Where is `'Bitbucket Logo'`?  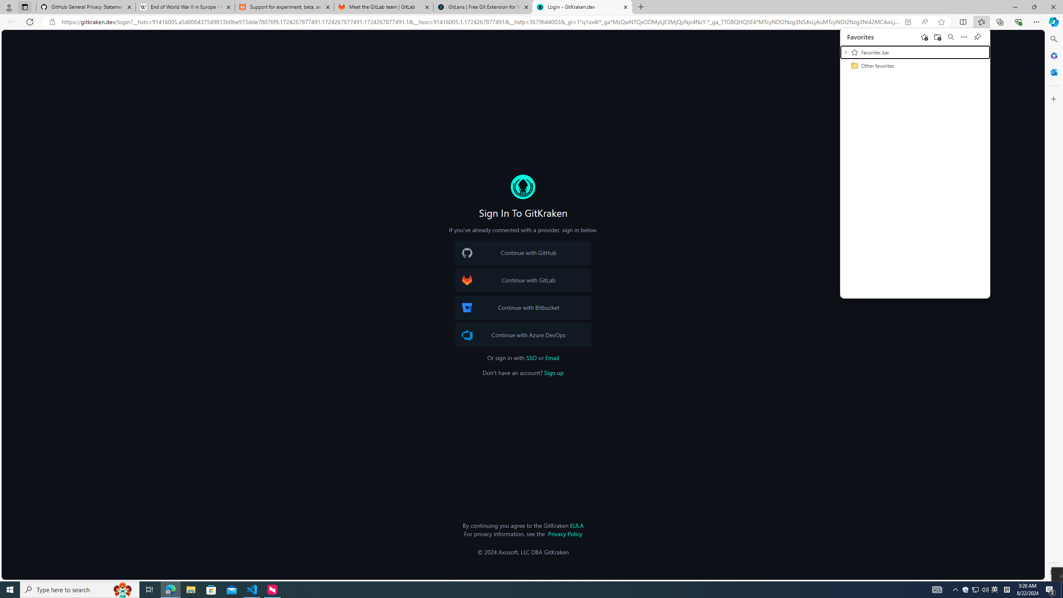 'Bitbucket Logo' is located at coordinates (467, 307).